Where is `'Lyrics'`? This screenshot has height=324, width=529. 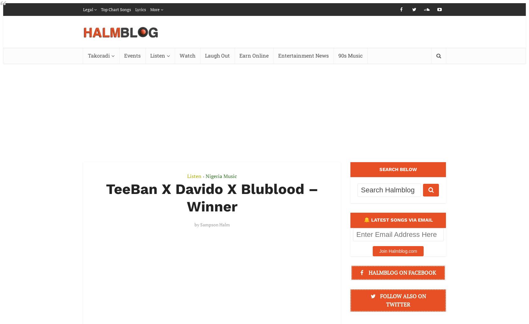 'Lyrics' is located at coordinates (140, 9).